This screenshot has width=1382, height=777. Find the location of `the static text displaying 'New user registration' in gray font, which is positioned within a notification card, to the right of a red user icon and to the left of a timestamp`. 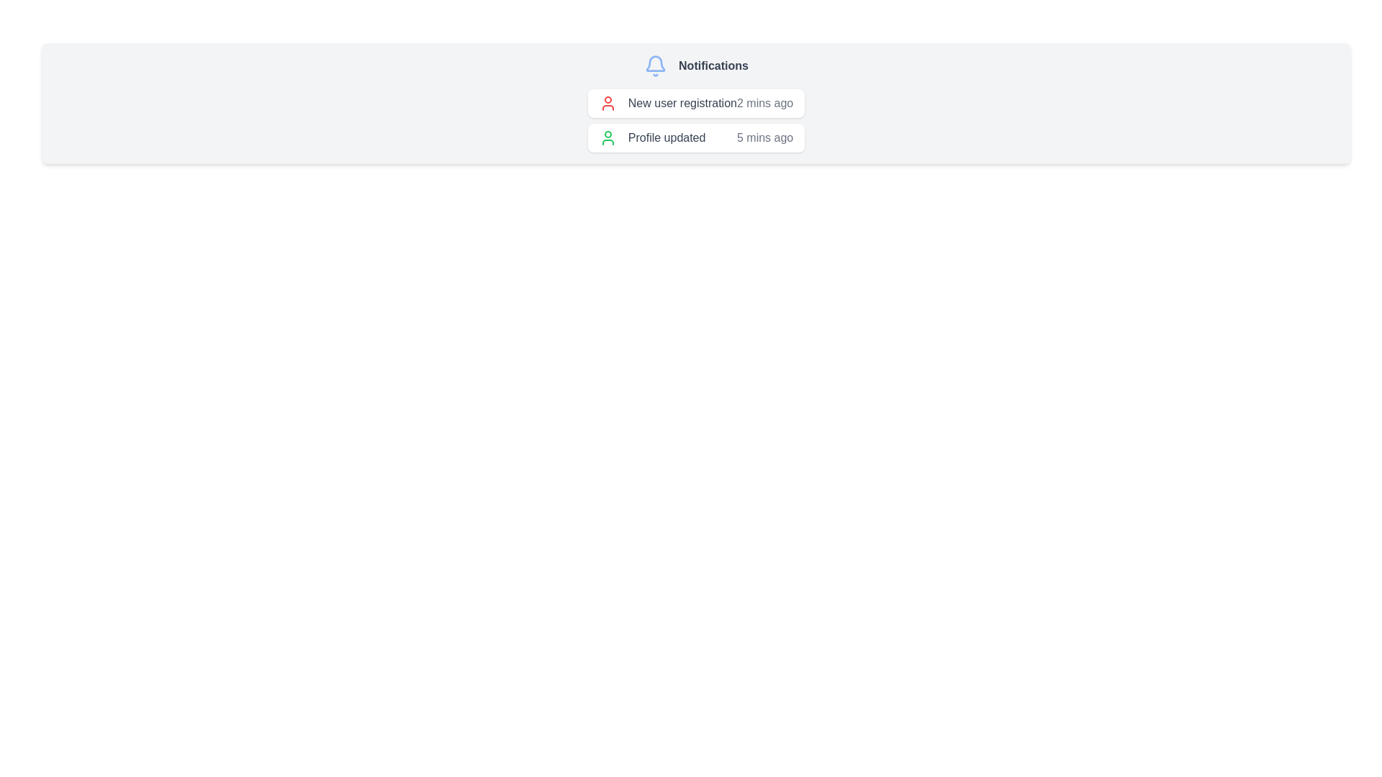

the static text displaying 'New user registration' in gray font, which is positioned within a notification card, to the right of a red user icon and to the left of a timestamp is located at coordinates (682, 102).